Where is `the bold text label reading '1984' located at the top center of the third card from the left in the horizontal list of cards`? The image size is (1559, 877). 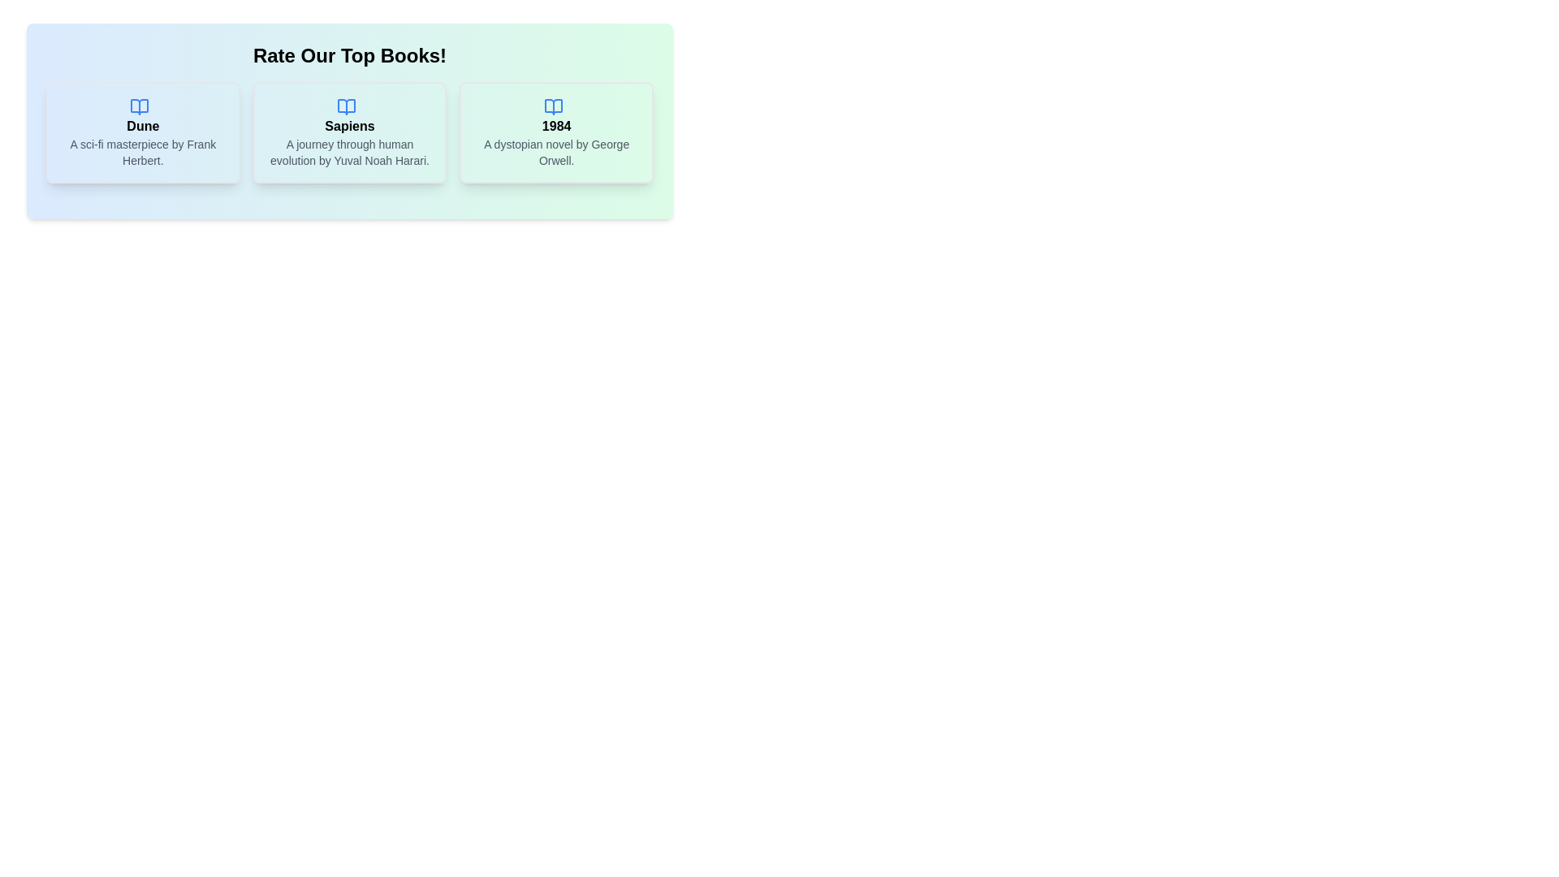
the bold text label reading '1984' located at the top center of the third card from the left in the horizontal list of cards is located at coordinates (556, 125).